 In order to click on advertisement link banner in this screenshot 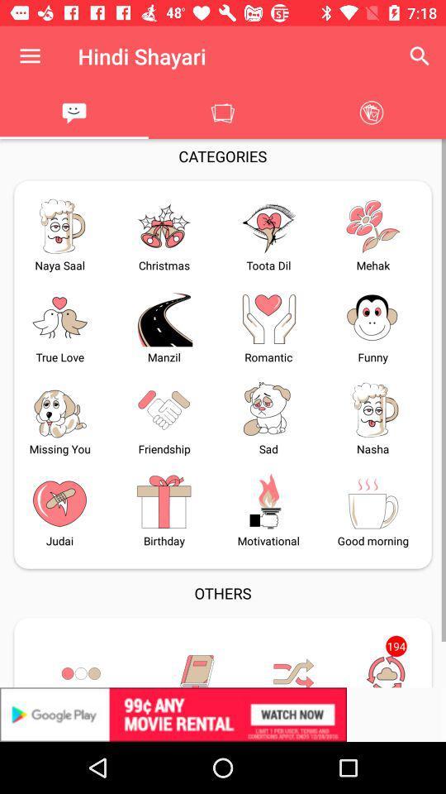, I will do `click(223, 714)`.